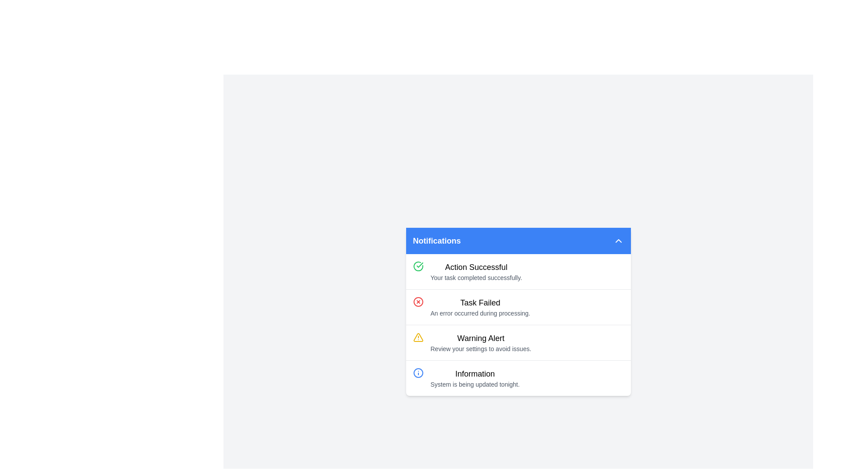  I want to click on the third notification message in the vertical list that warns about settings requiring attention to note the information, so click(480, 342).